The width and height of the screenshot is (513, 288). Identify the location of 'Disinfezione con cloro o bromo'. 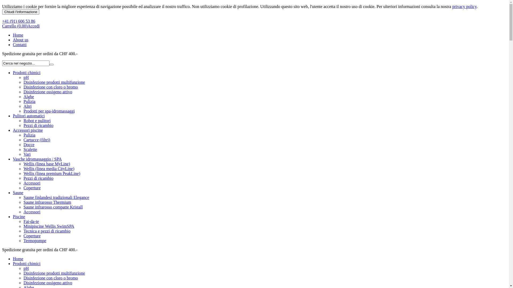
(51, 87).